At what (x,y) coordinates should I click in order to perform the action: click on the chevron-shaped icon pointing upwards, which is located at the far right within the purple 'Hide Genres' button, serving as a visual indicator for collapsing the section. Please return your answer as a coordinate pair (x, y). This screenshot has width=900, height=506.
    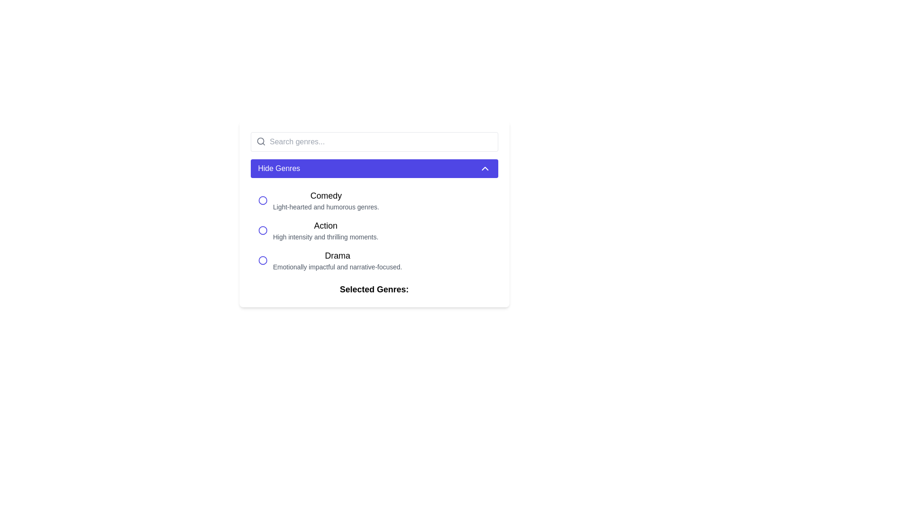
    Looking at the image, I should click on (485, 168).